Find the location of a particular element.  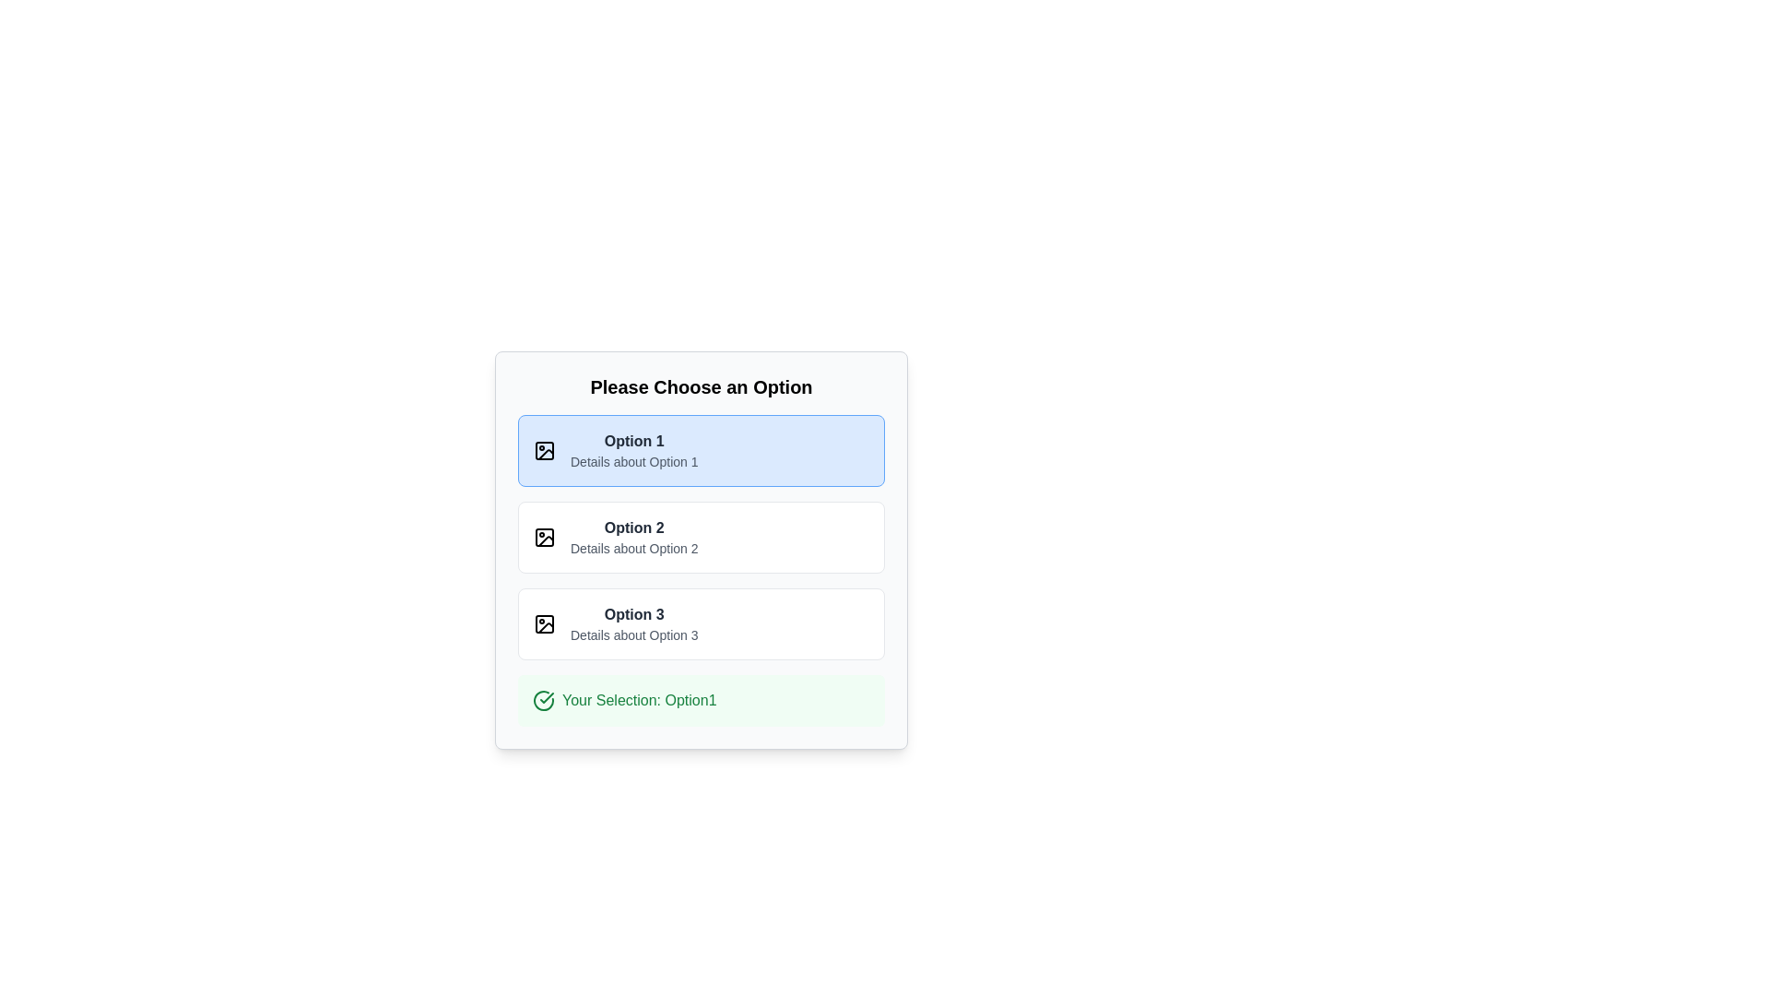

the visual feedback of the selection confirmation icon for 'Option1', which is located within the green-highlighted confirmation message box and adjacent to the text 'Your Selection: Option1' is located at coordinates (543, 700).